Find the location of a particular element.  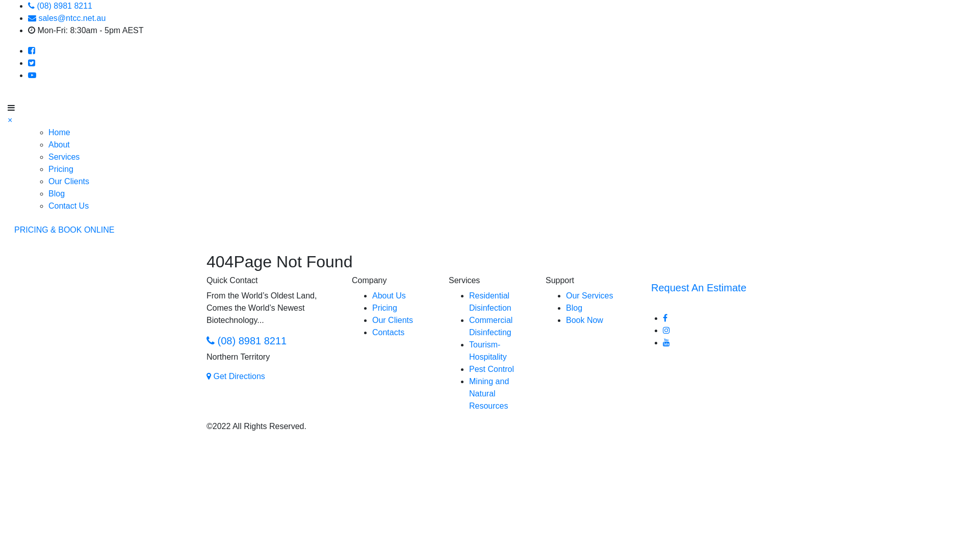

'About Us' is located at coordinates (389, 295).